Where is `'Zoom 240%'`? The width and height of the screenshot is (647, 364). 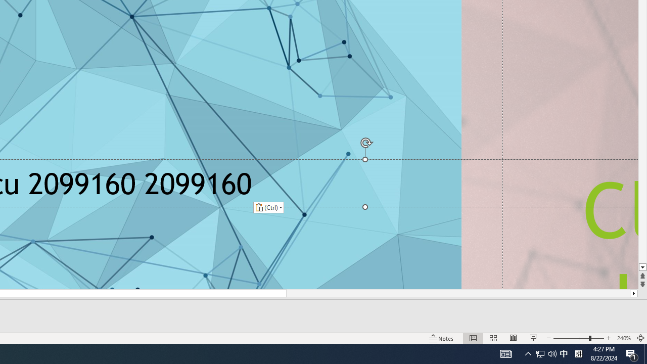 'Zoom 240%' is located at coordinates (623, 338).